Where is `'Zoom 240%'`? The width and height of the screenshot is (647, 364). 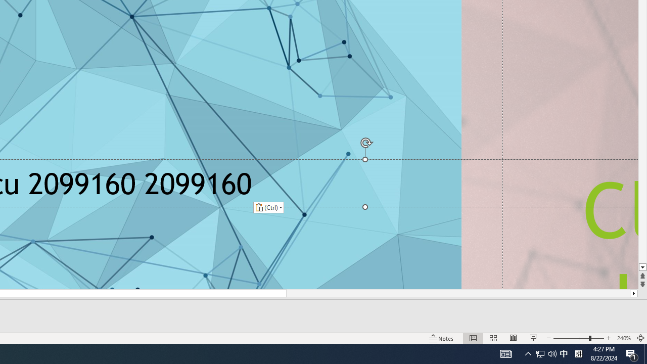 'Zoom 240%' is located at coordinates (623, 338).